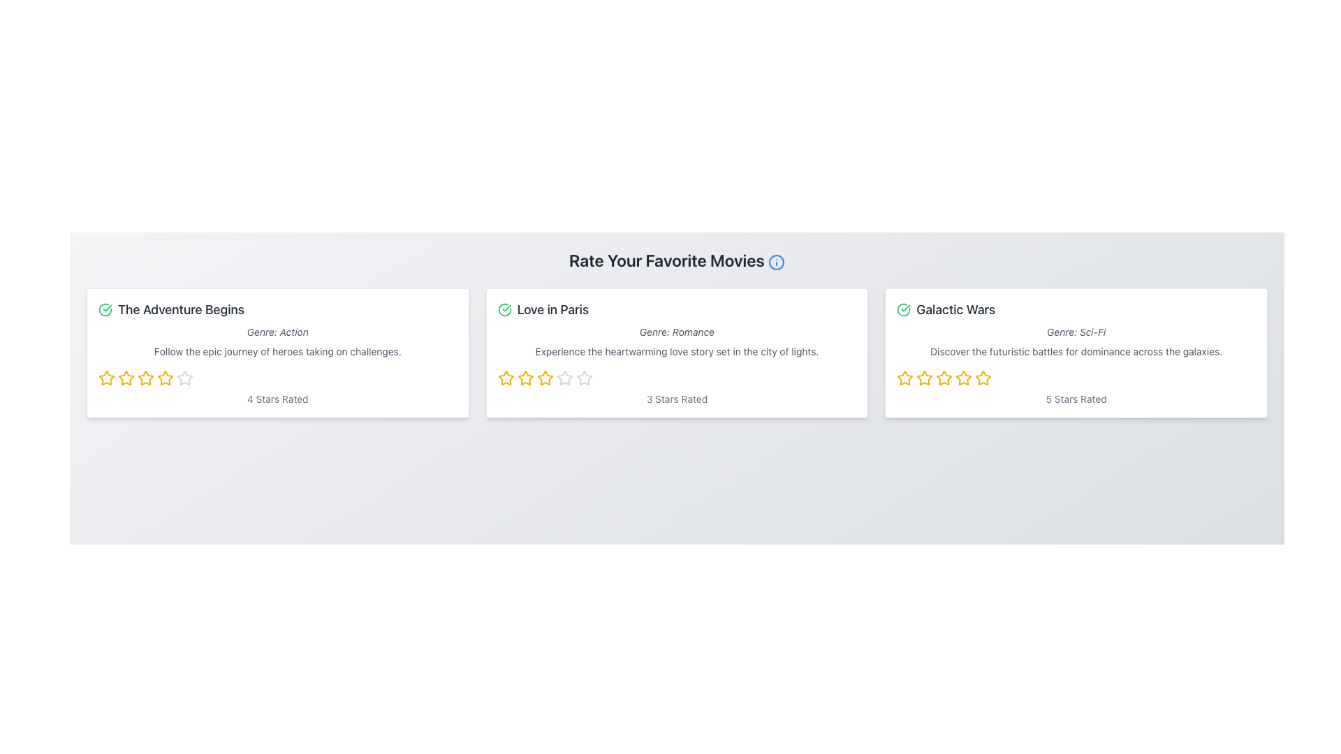 The width and height of the screenshot is (1341, 754). Describe the element at coordinates (677, 352) in the screenshot. I see `information contained in the romance movie card titled 'Love in Paris', located in the center column of the grid layout below the title 'Rate Your Favorite Movies'` at that location.